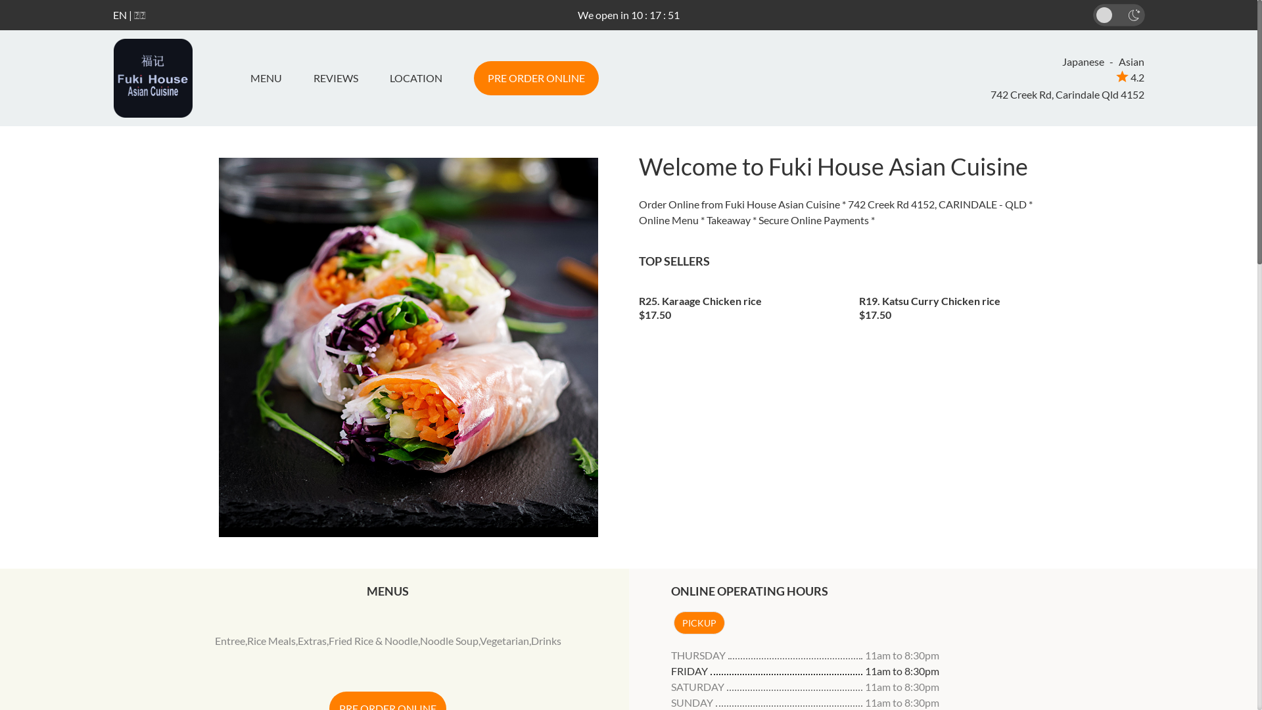  I want to click on 'Vegetarian', so click(503, 640).